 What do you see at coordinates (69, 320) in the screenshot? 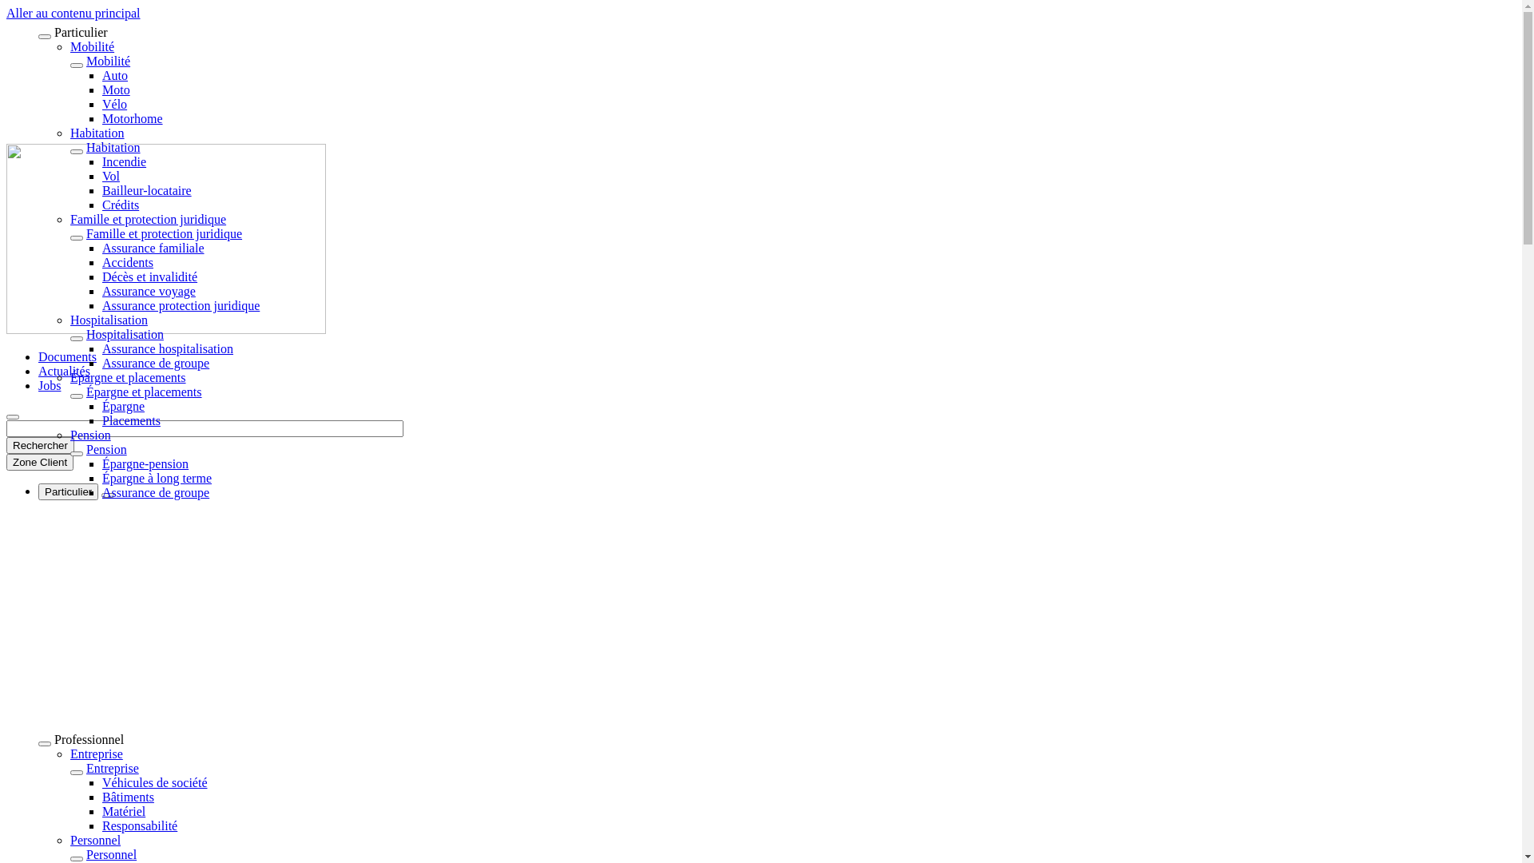
I see `'Hospitalisation'` at bounding box center [69, 320].